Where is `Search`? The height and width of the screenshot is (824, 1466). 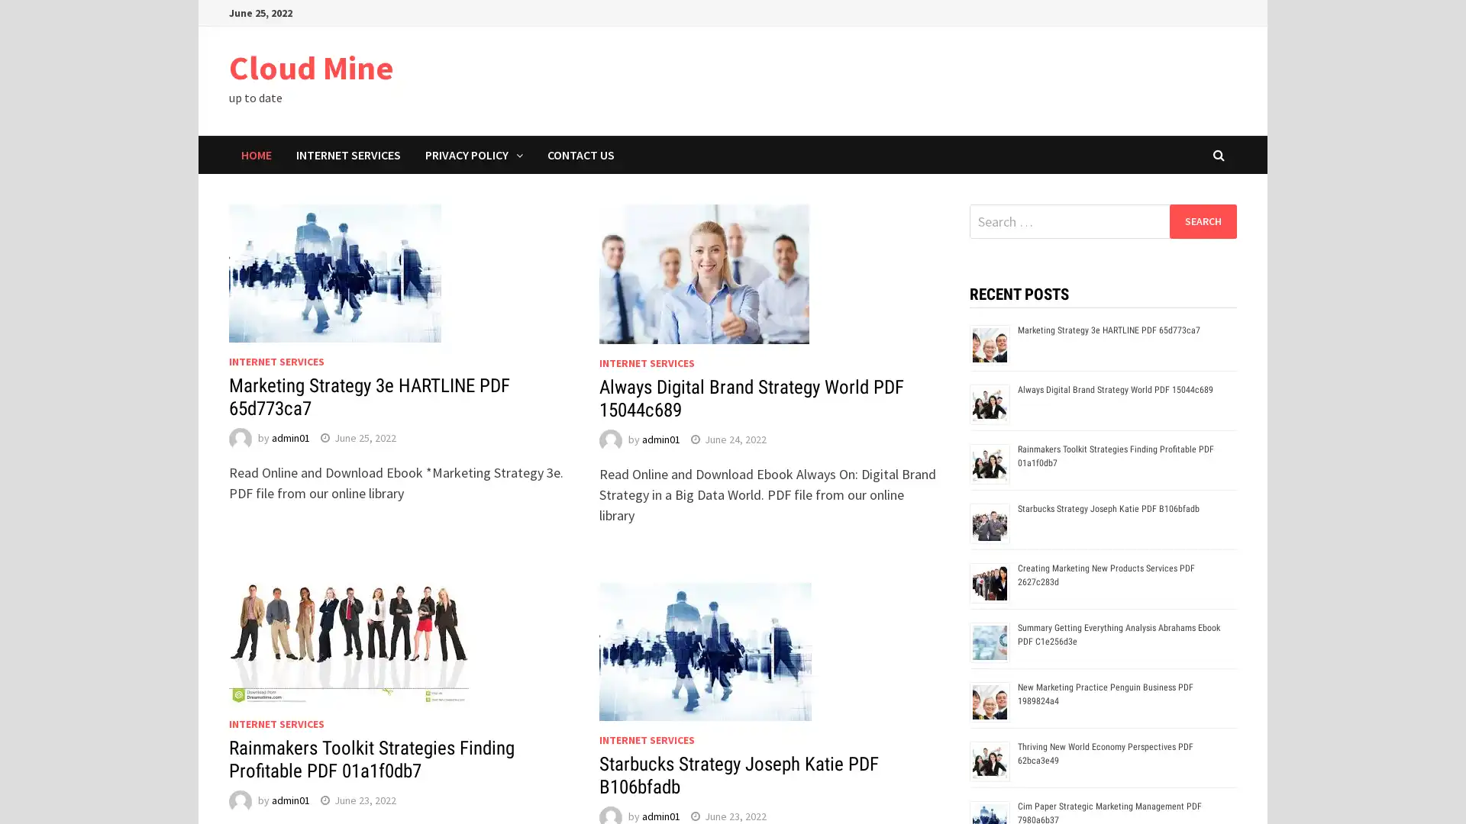 Search is located at coordinates (1202, 220).